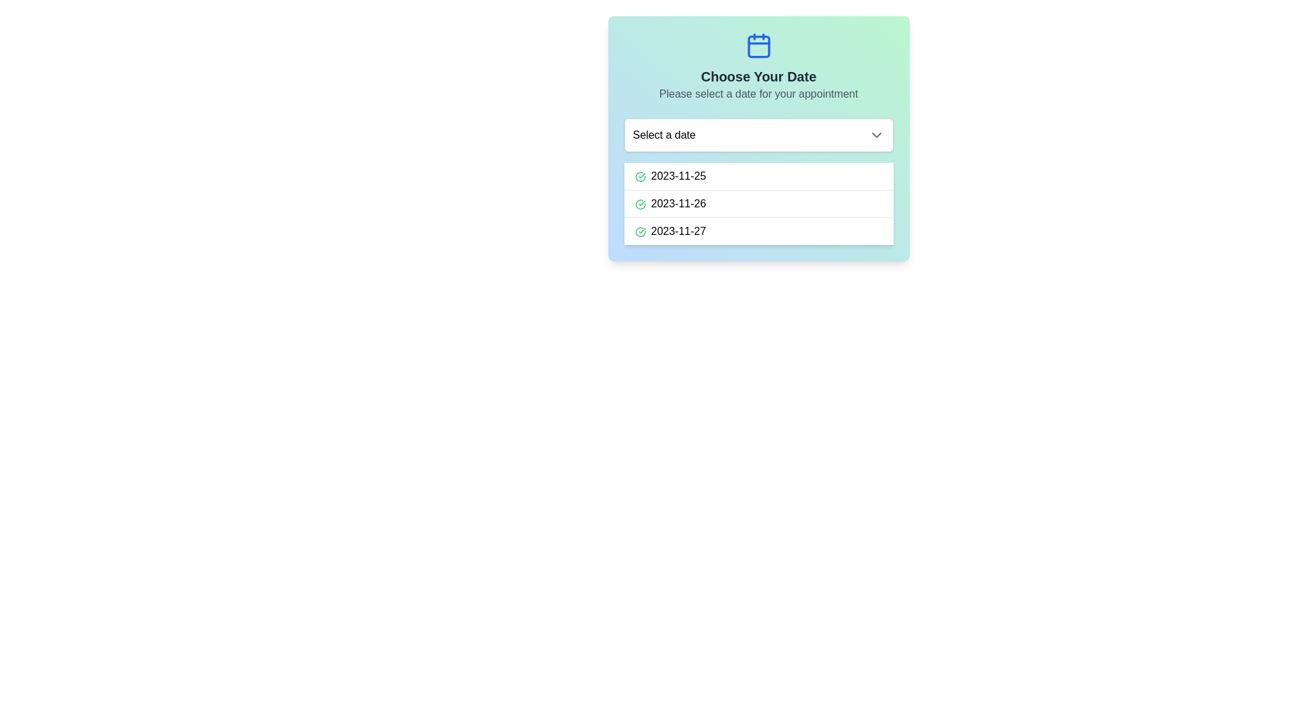  I want to click on the list item option '2023-11-27' in the dropdown menu titled 'Choose Your Date', so click(758, 230).